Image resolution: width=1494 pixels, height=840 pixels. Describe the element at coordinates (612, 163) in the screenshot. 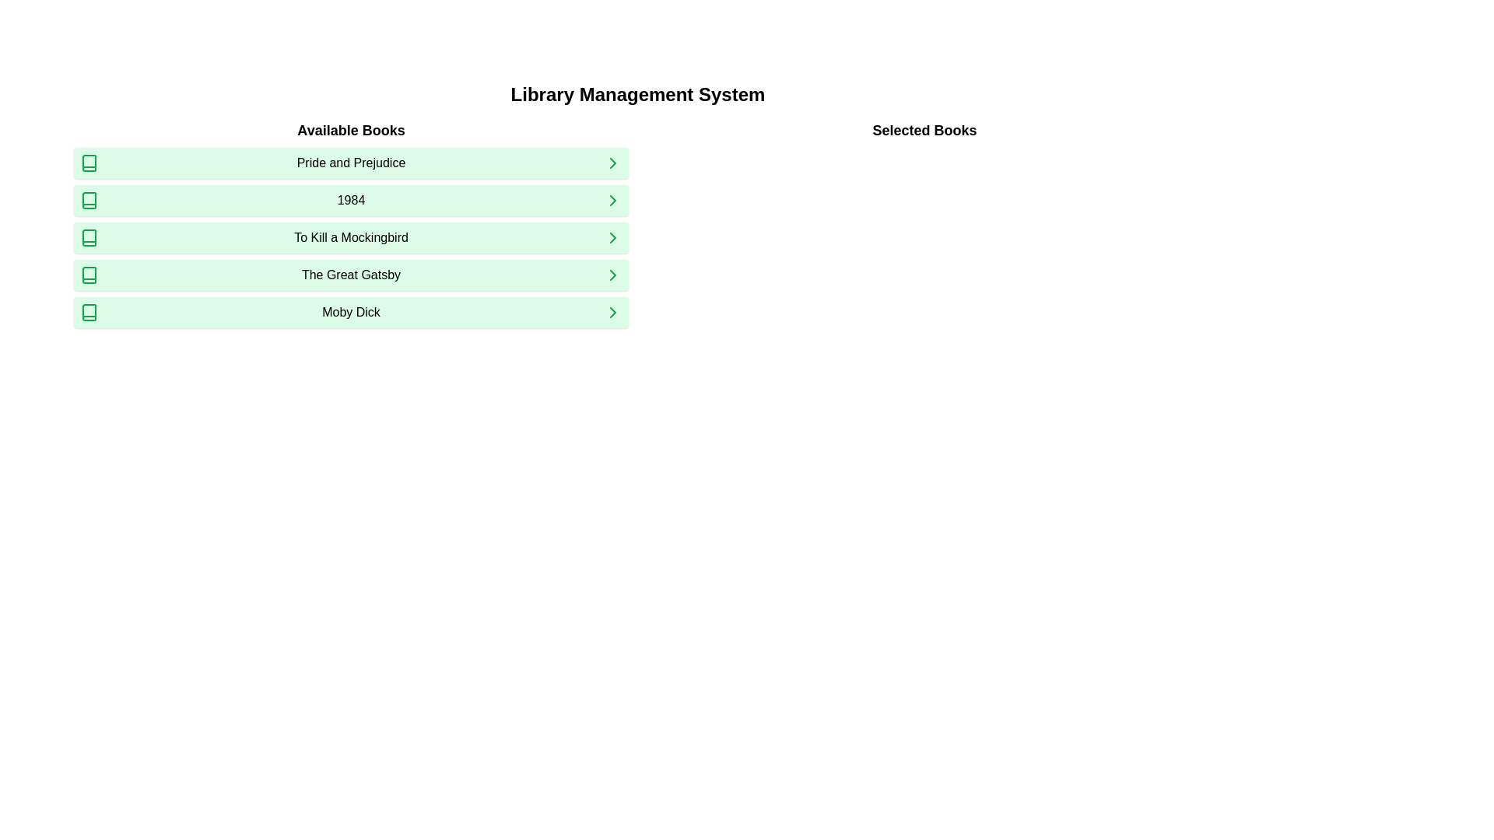

I see `the arrow icon button located at the far-right end of the row labeled 'Pride and Prejudice' in the 'Available Books' section` at that location.